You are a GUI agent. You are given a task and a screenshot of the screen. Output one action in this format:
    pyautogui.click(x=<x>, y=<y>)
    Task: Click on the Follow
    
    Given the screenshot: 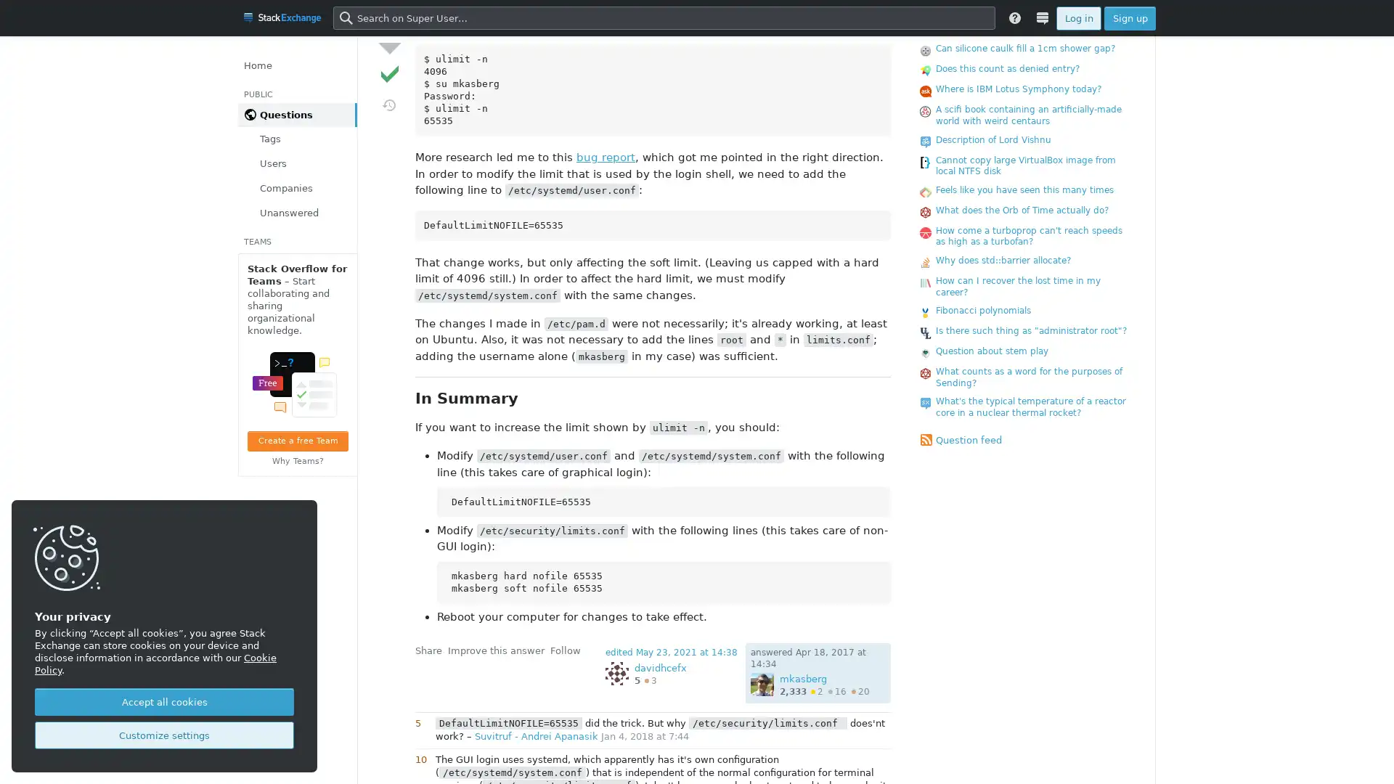 What is the action you would take?
    pyautogui.click(x=564, y=649)
    